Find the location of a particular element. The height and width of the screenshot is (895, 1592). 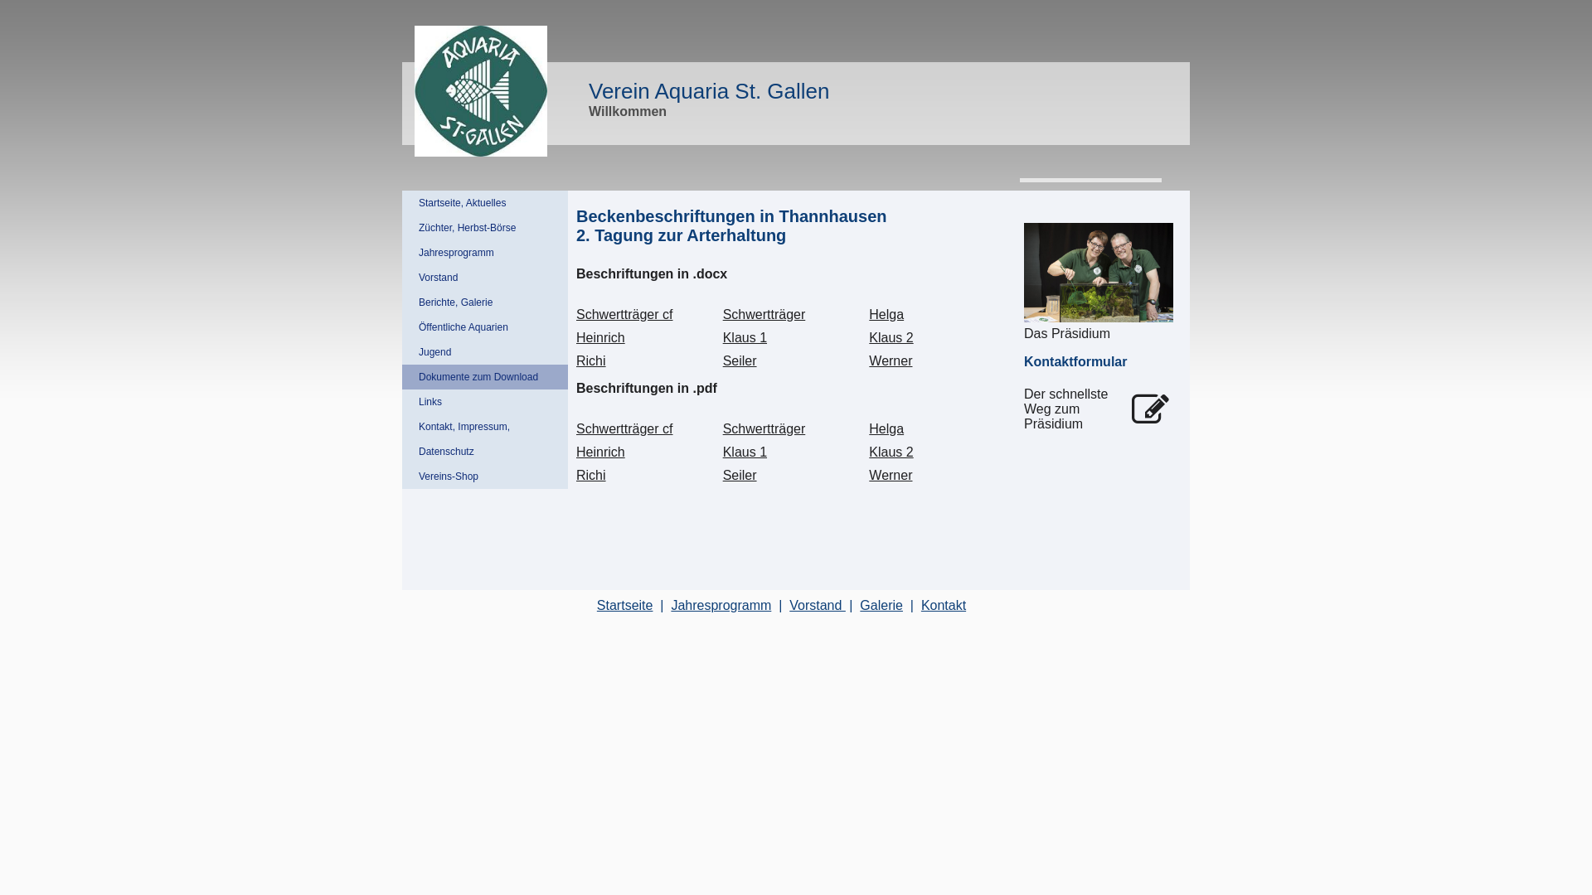

'Vereins-Shop' is located at coordinates (401, 476).